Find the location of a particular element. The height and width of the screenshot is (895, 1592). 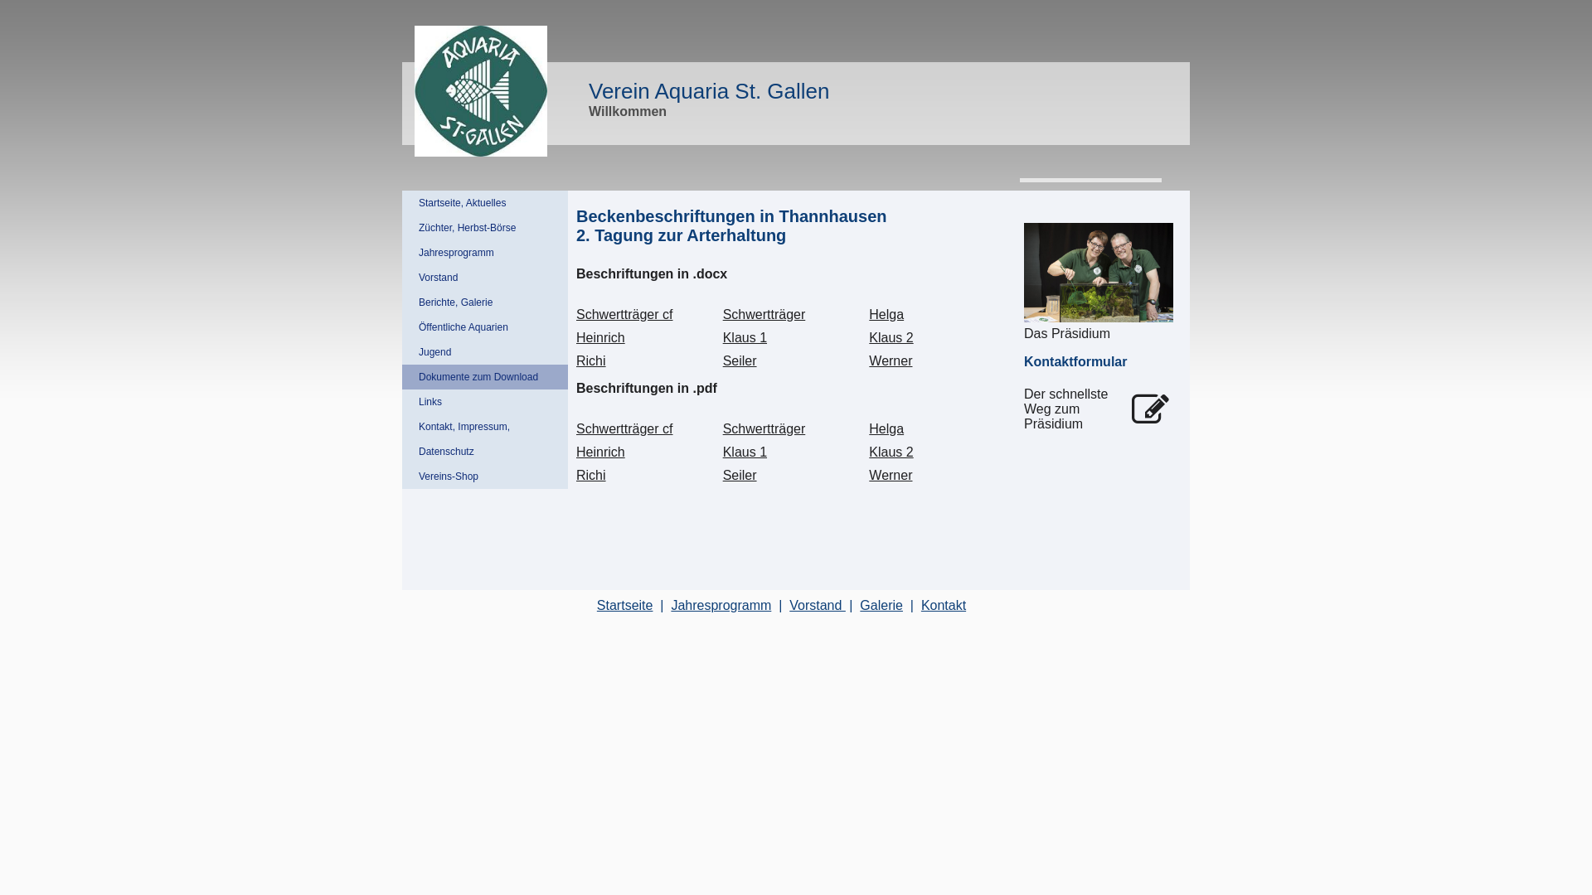

'Vereins-Shop' is located at coordinates (401, 476).